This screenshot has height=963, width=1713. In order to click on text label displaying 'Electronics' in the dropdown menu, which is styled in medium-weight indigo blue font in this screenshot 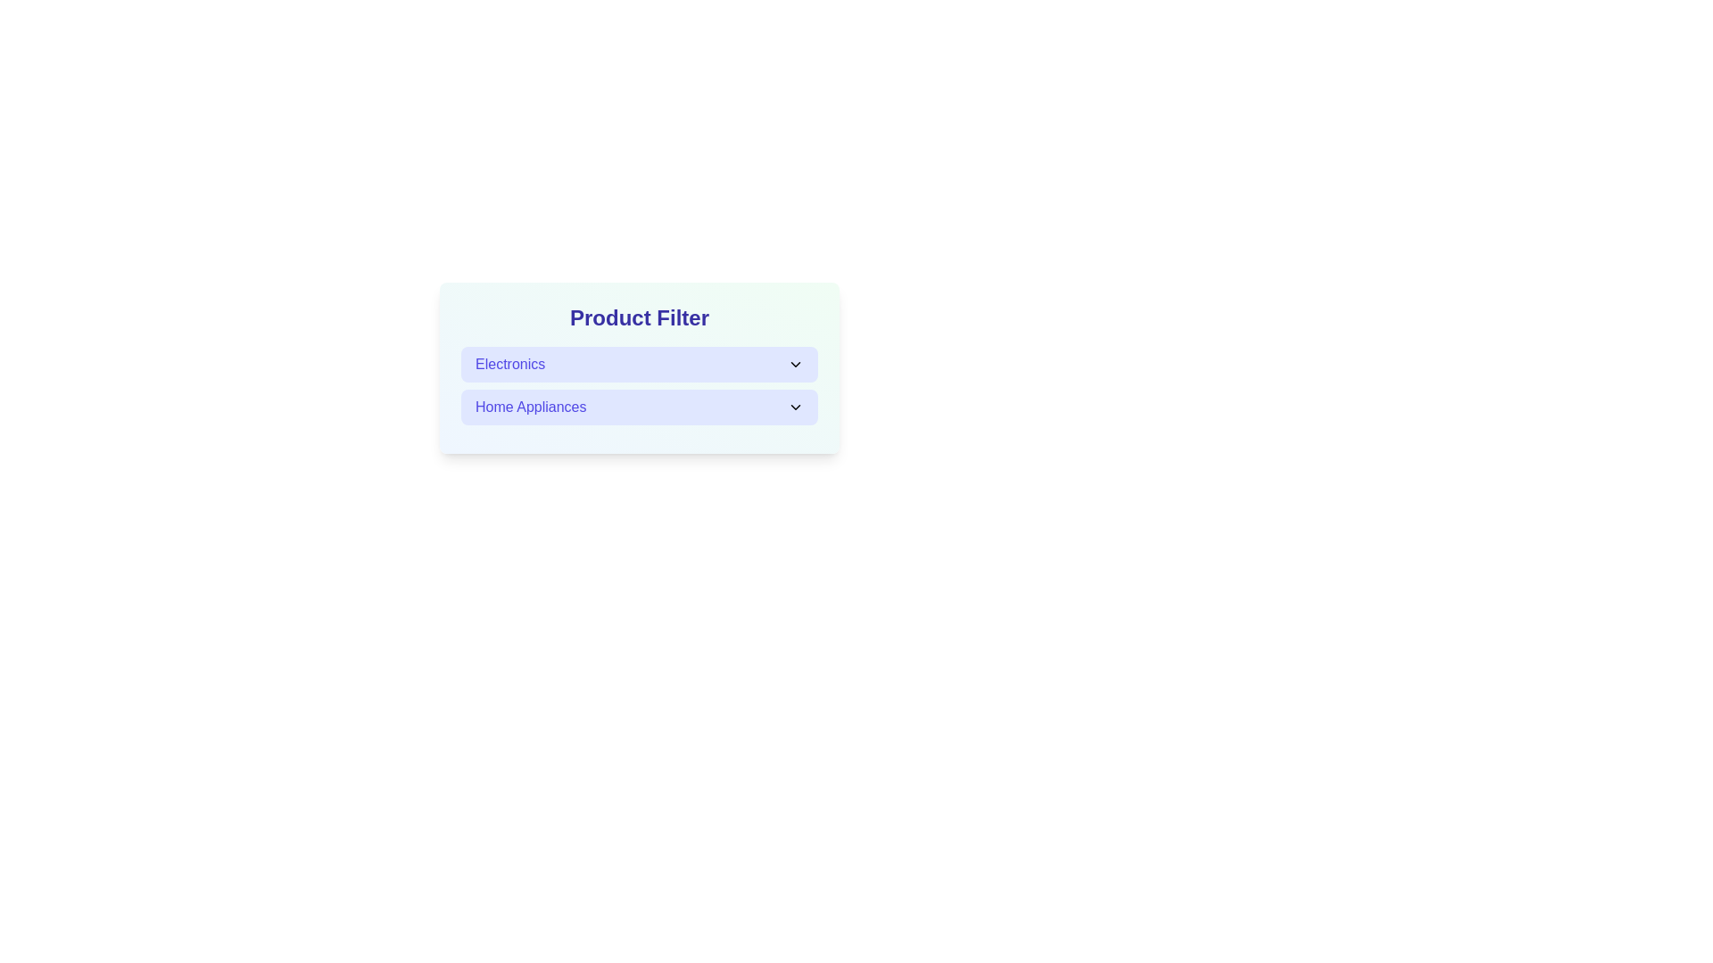, I will do `click(509, 363)`.